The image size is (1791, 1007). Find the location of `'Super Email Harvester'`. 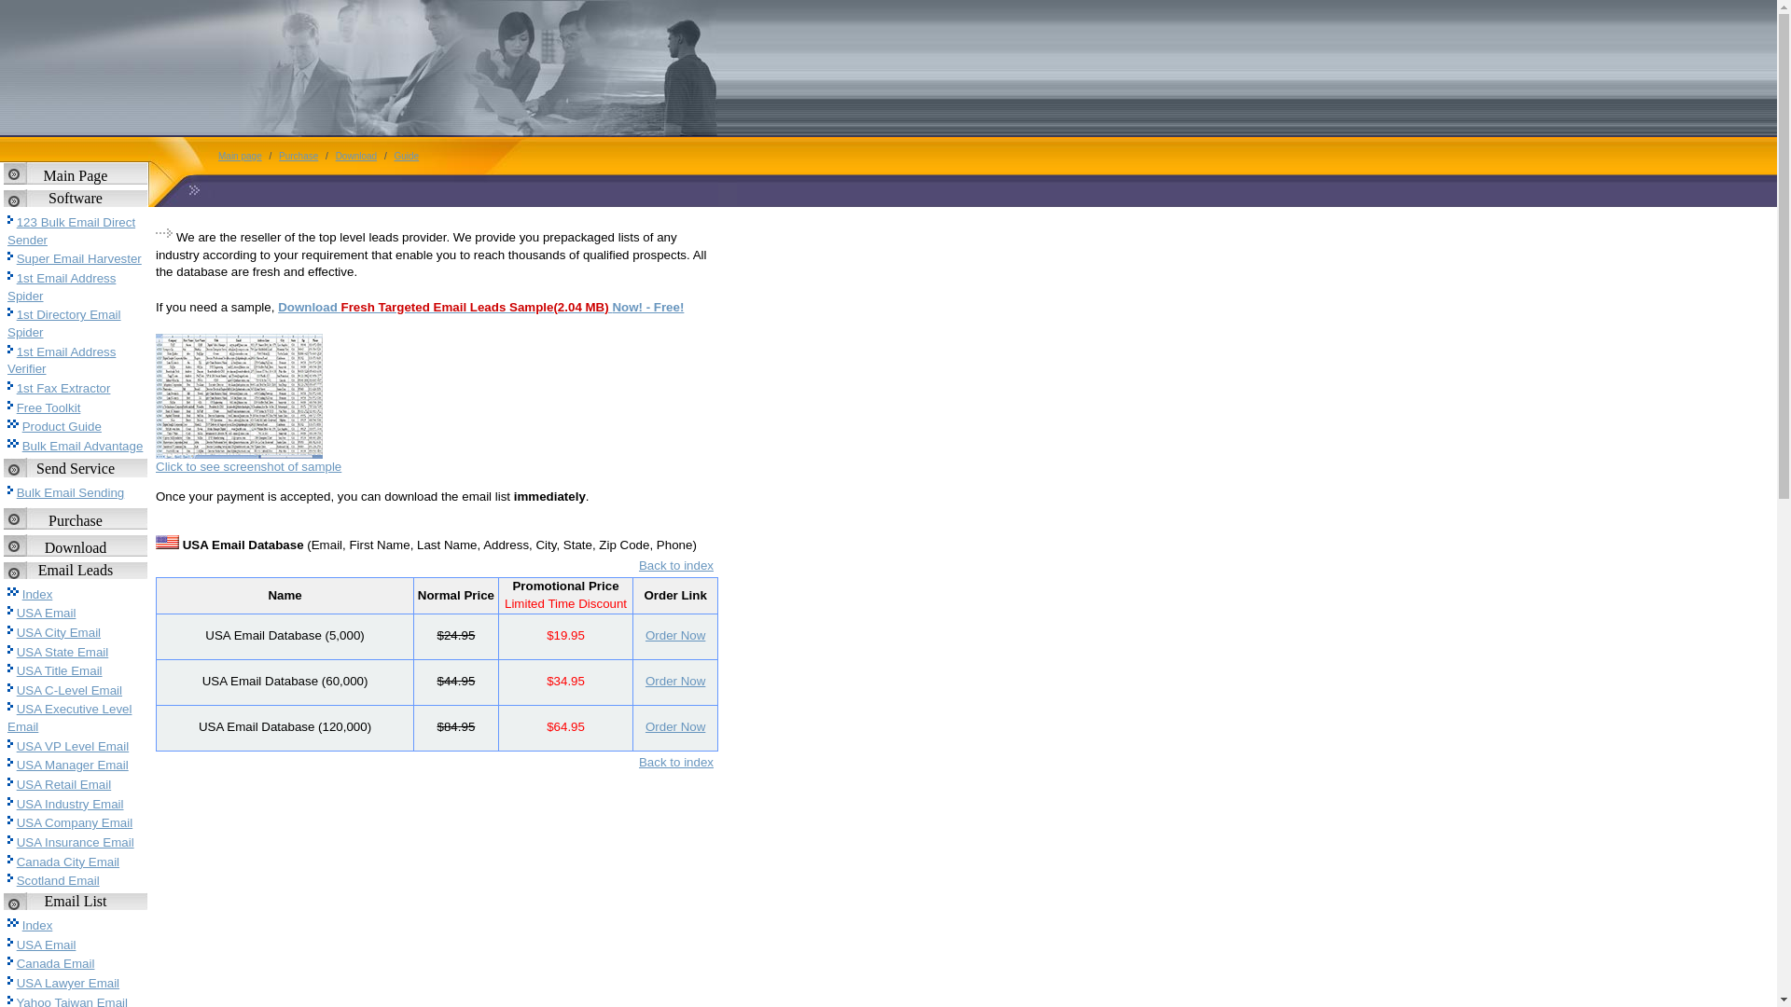

'Super Email Harvester' is located at coordinates (78, 258).